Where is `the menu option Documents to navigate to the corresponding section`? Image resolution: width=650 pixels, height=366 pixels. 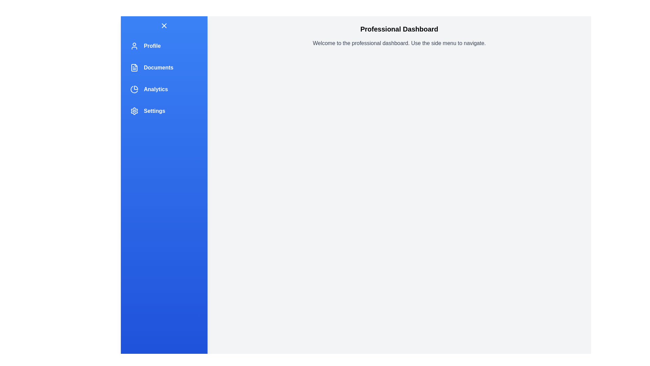 the menu option Documents to navigate to the corresponding section is located at coordinates (164, 68).